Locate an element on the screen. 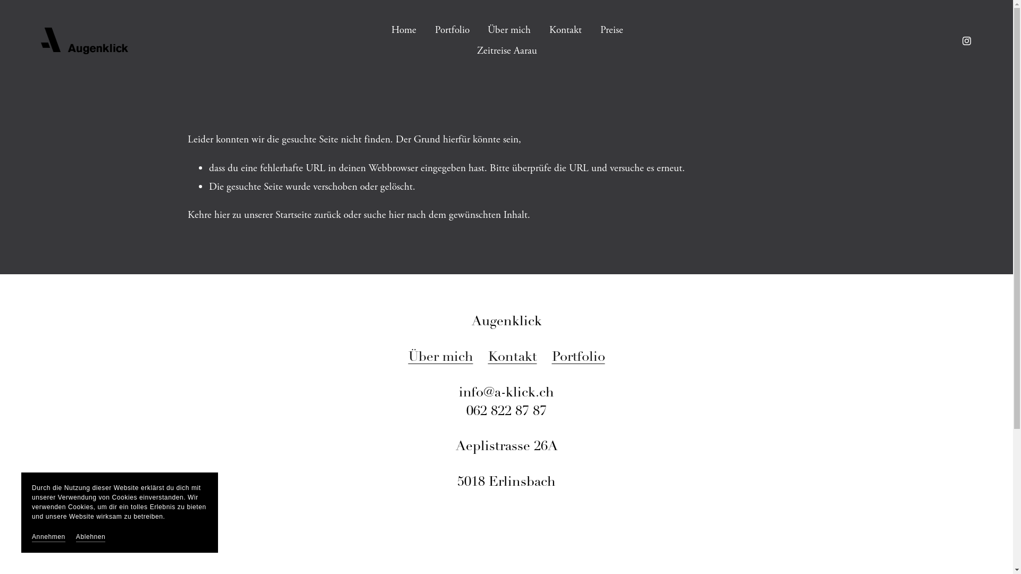 This screenshot has height=574, width=1021. 'Annehmen' is located at coordinates (31, 537).